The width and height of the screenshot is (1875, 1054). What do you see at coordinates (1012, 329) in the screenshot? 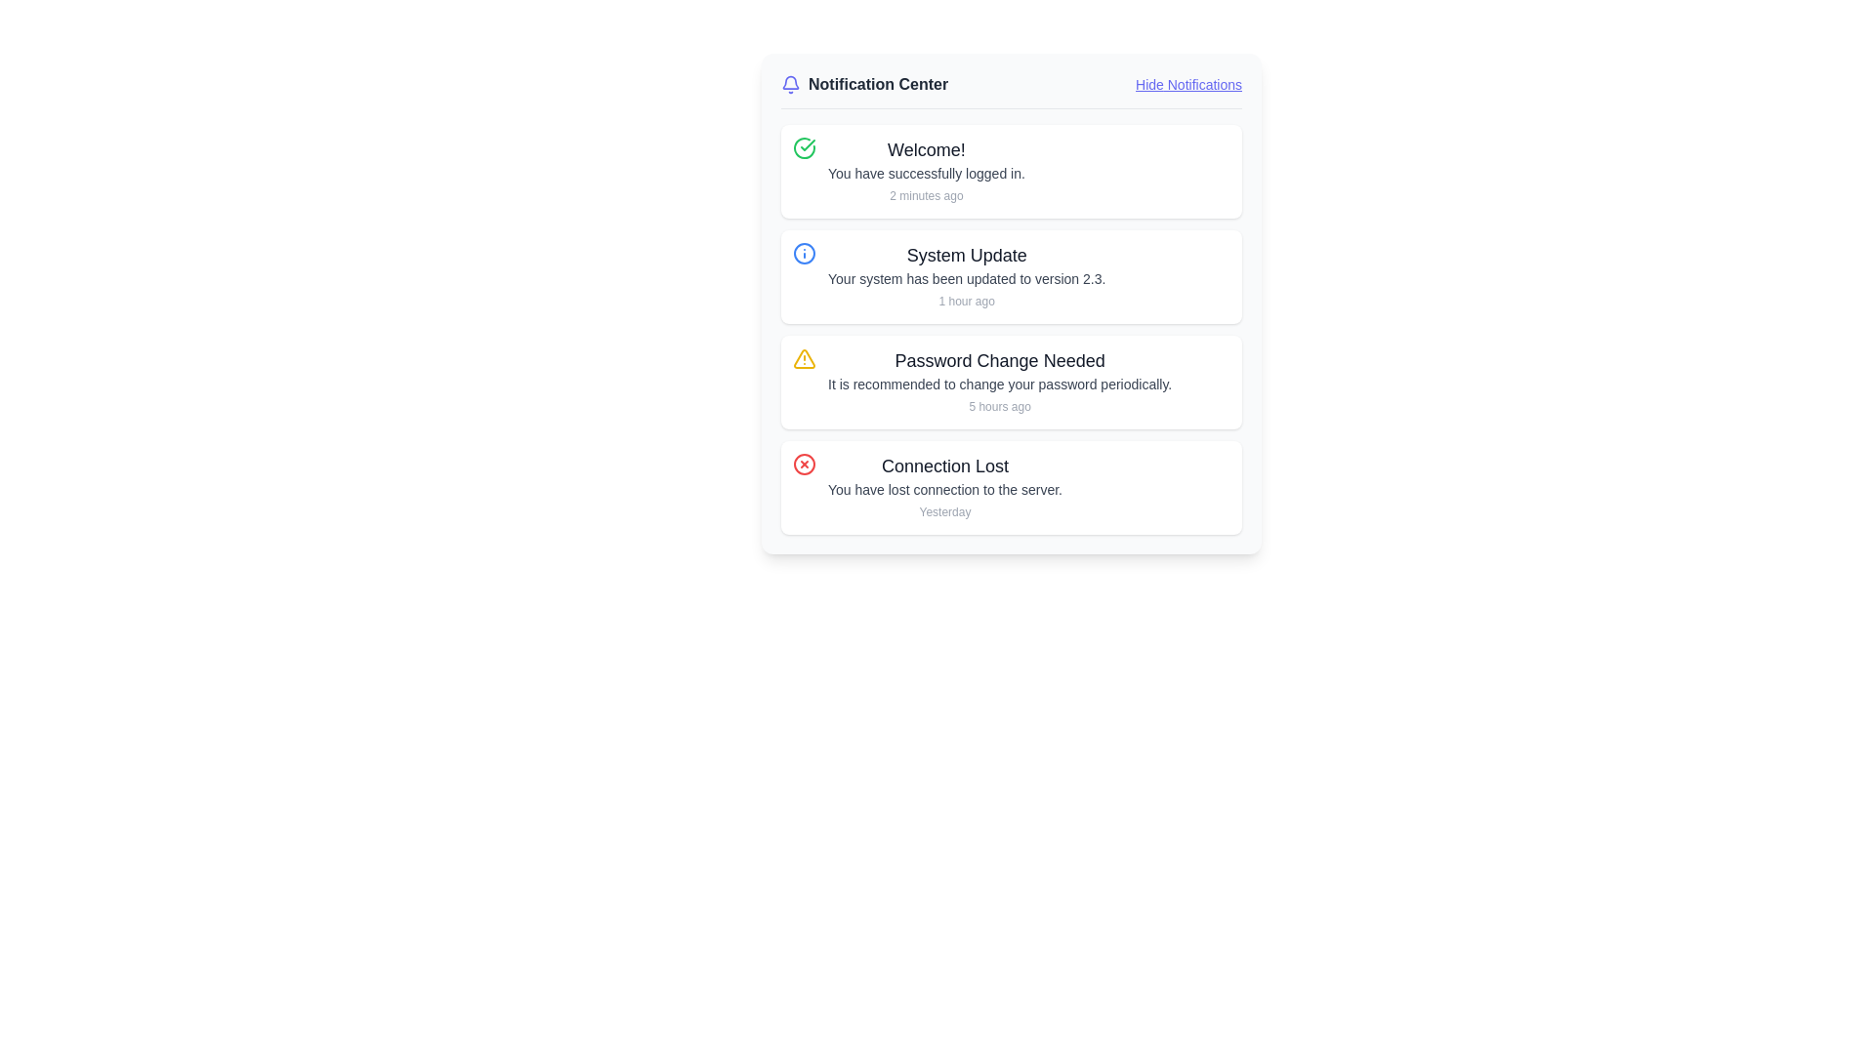
I see `the Notification card that displays a recommendation to change the password periodically, located in the Notification Center` at bounding box center [1012, 329].